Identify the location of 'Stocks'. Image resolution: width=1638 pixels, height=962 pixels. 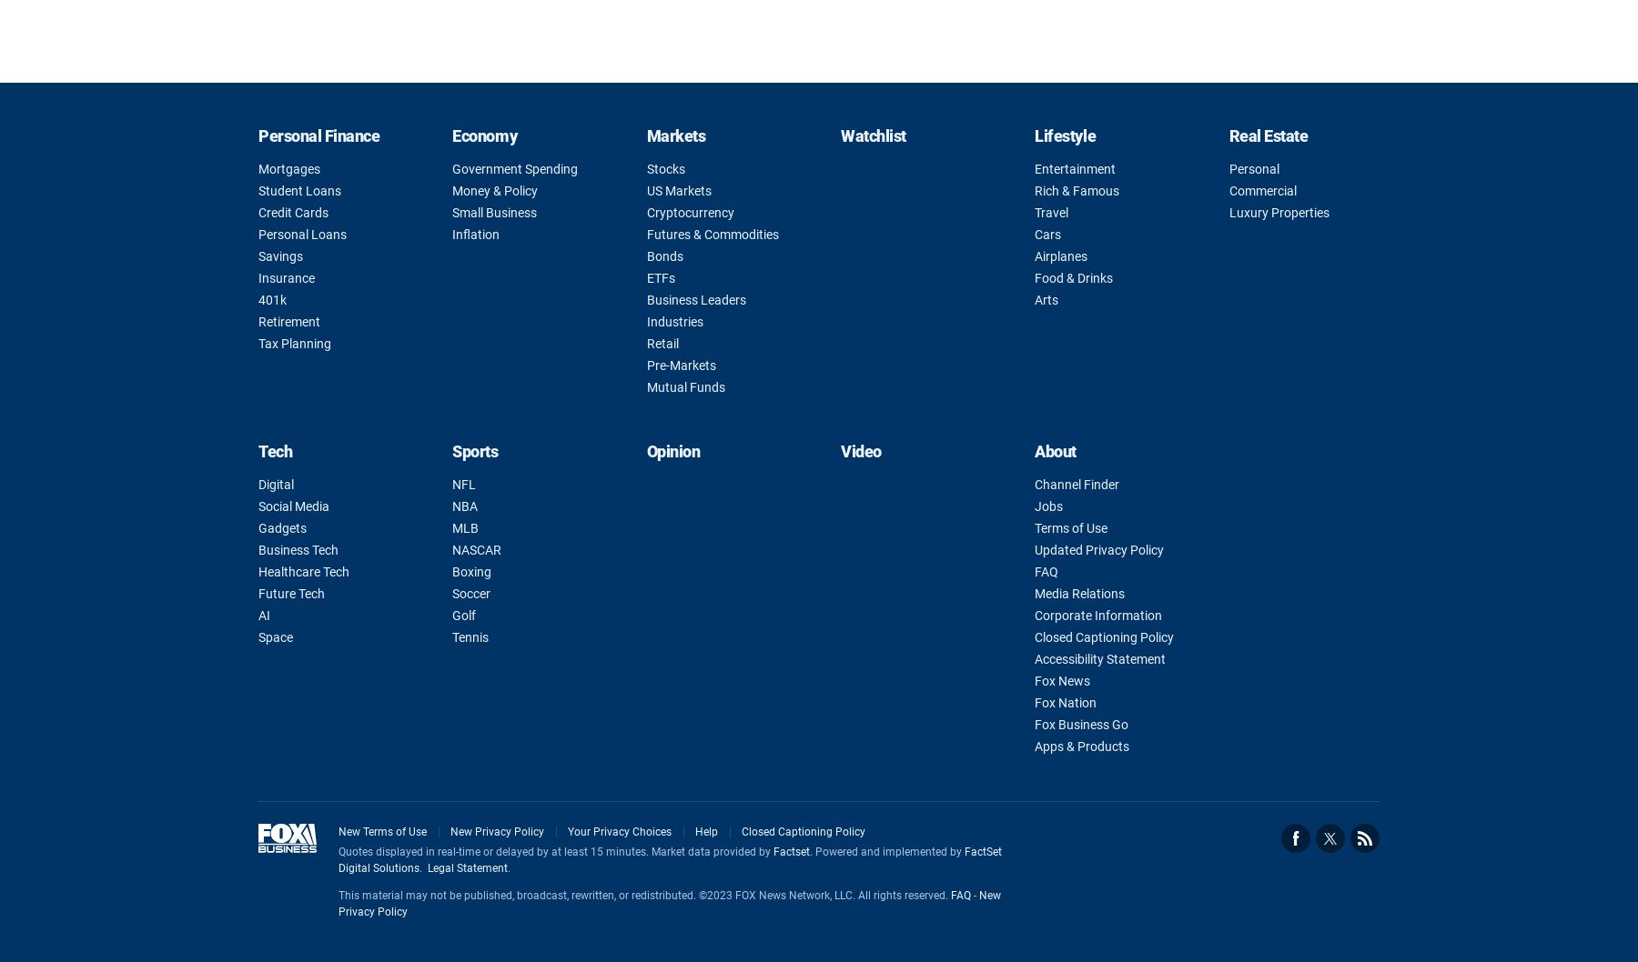
(663, 168).